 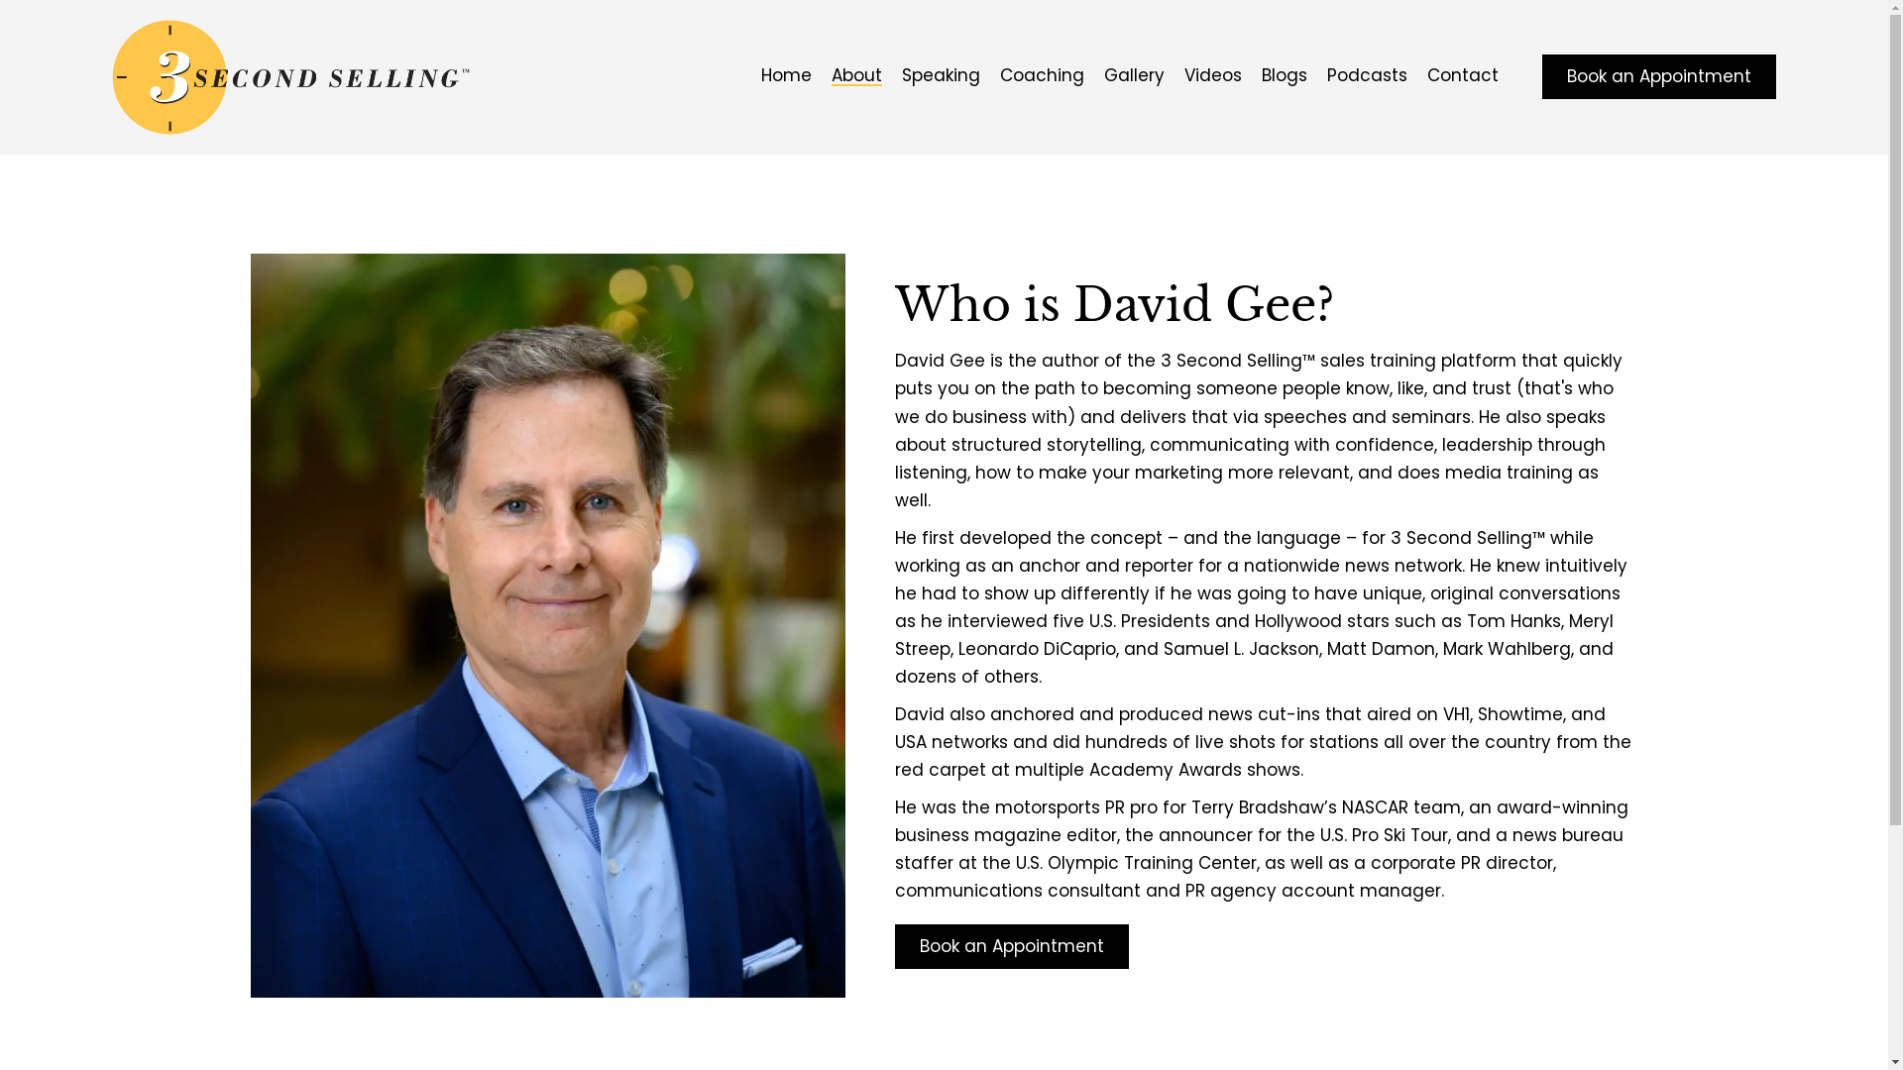 What do you see at coordinates (1134, 75) in the screenshot?
I see `'Gallery'` at bounding box center [1134, 75].